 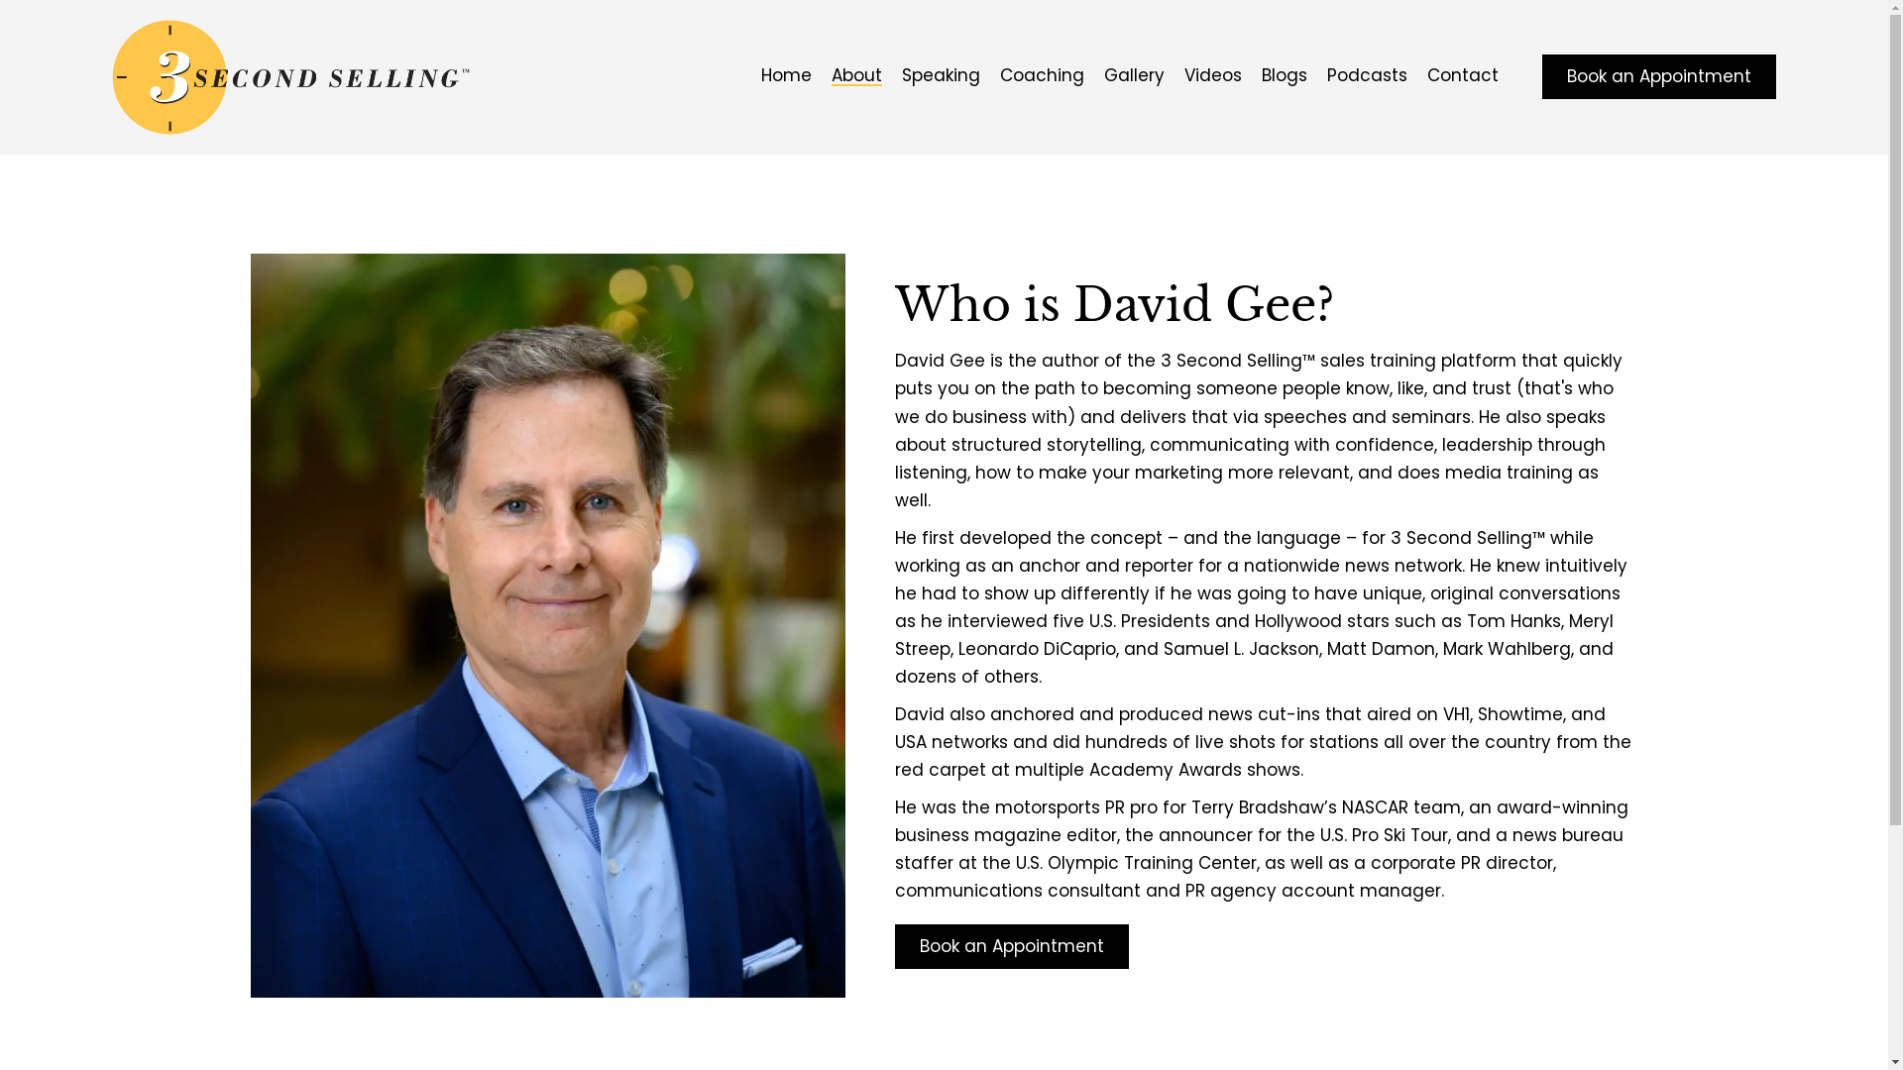 What do you see at coordinates (1134, 75) in the screenshot?
I see `'Gallery'` at bounding box center [1134, 75].